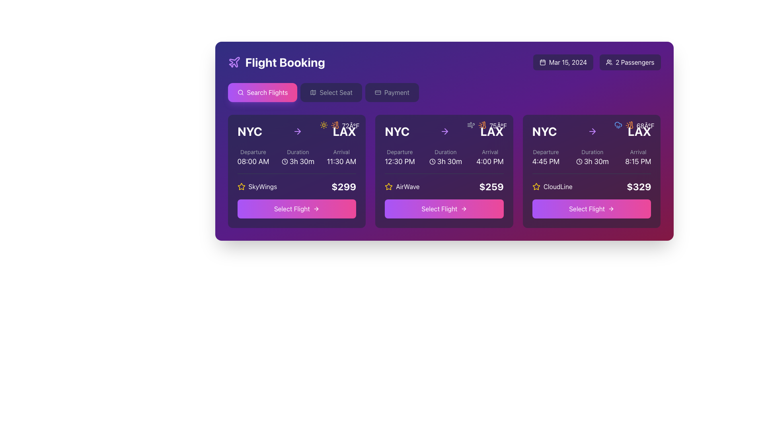 This screenshot has height=429, width=764. I want to click on the text label displaying 'SkyWings', which is located centrally in the lower section of the leftmost card in a list of flight options, rendered in white text against a purple background, so click(263, 187).